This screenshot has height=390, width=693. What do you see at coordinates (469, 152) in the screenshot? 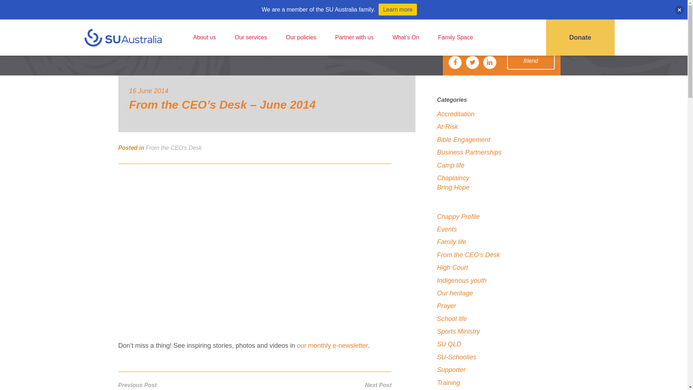
I see `'Business Partnerships'` at bounding box center [469, 152].